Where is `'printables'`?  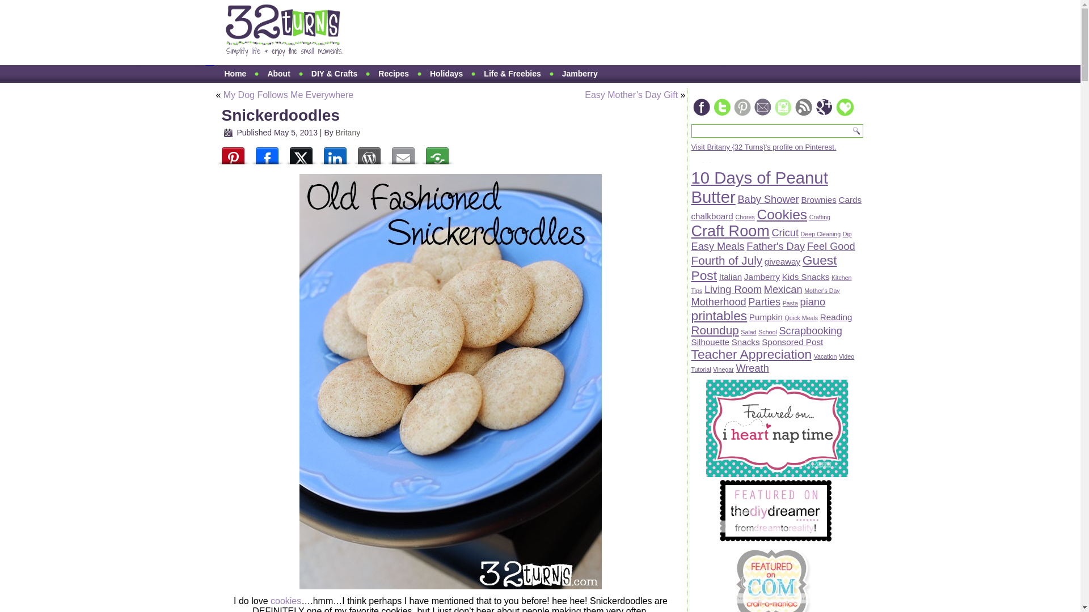 'printables' is located at coordinates (690, 315).